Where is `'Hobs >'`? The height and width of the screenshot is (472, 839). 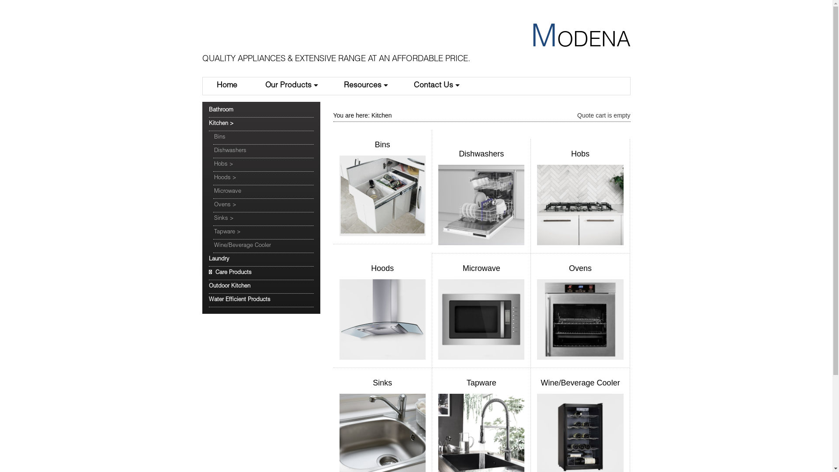 'Hobs >' is located at coordinates (213, 165).